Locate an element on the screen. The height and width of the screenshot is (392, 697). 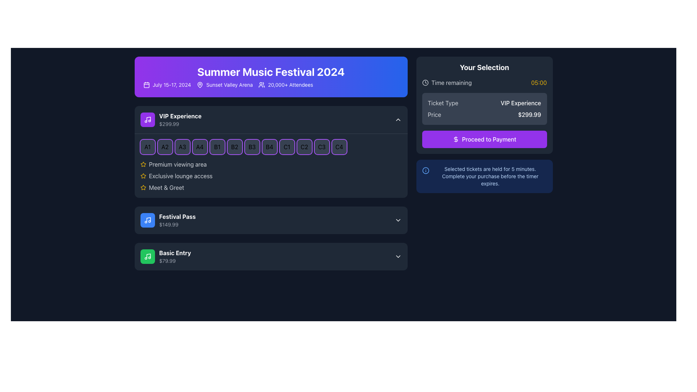
the second curved line of the dollar sign icon, which is styled with a thin, rounded line in a light color, located in the payment section of the interface is located at coordinates (455, 139).